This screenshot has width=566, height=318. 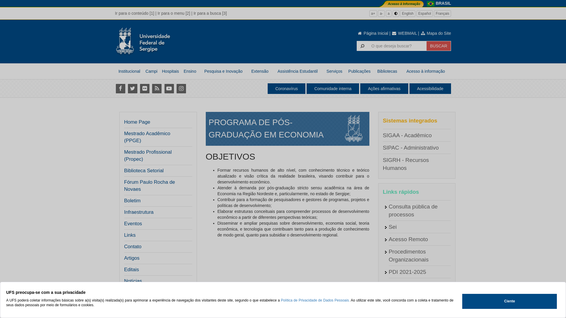 I want to click on 'BRASIL', so click(x=443, y=3).